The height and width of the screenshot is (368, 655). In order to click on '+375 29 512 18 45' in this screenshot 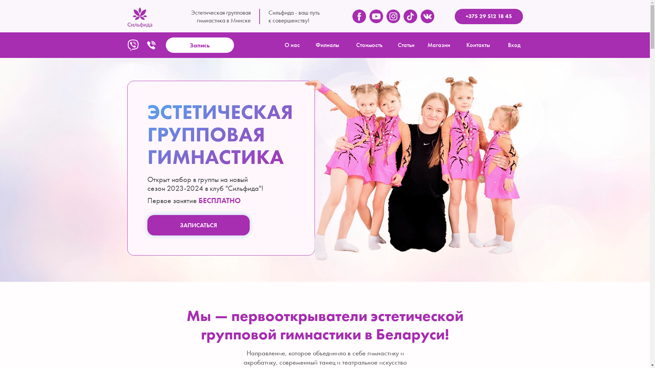, I will do `click(488, 16)`.